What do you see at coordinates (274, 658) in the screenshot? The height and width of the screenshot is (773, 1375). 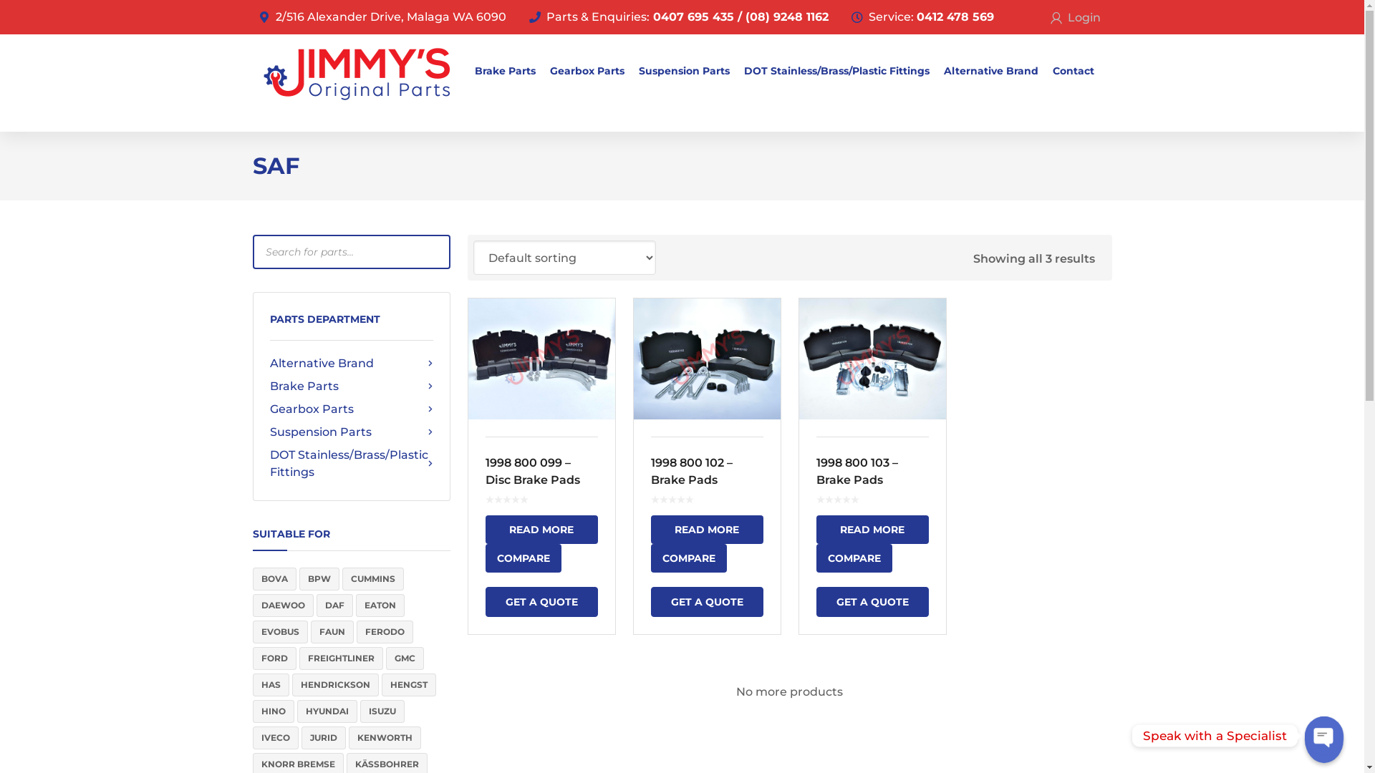 I see `'FORD'` at bounding box center [274, 658].